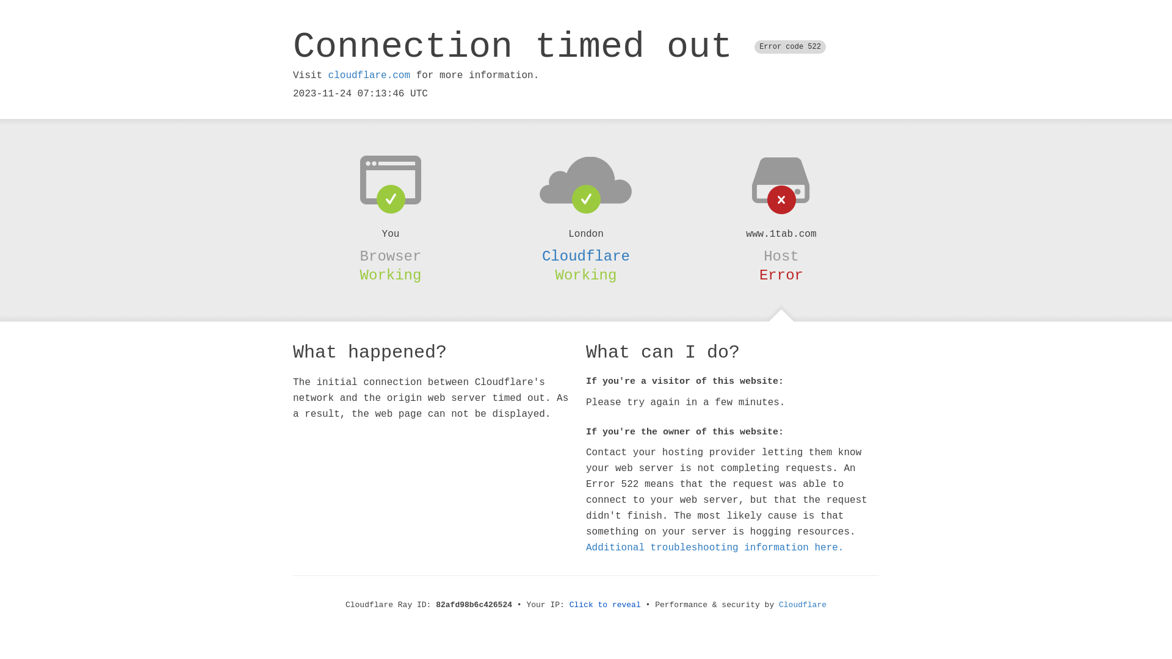 The height and width of the screenshot is (659, 1172). I want to click on 'Cloudflare', so click(803, 605).